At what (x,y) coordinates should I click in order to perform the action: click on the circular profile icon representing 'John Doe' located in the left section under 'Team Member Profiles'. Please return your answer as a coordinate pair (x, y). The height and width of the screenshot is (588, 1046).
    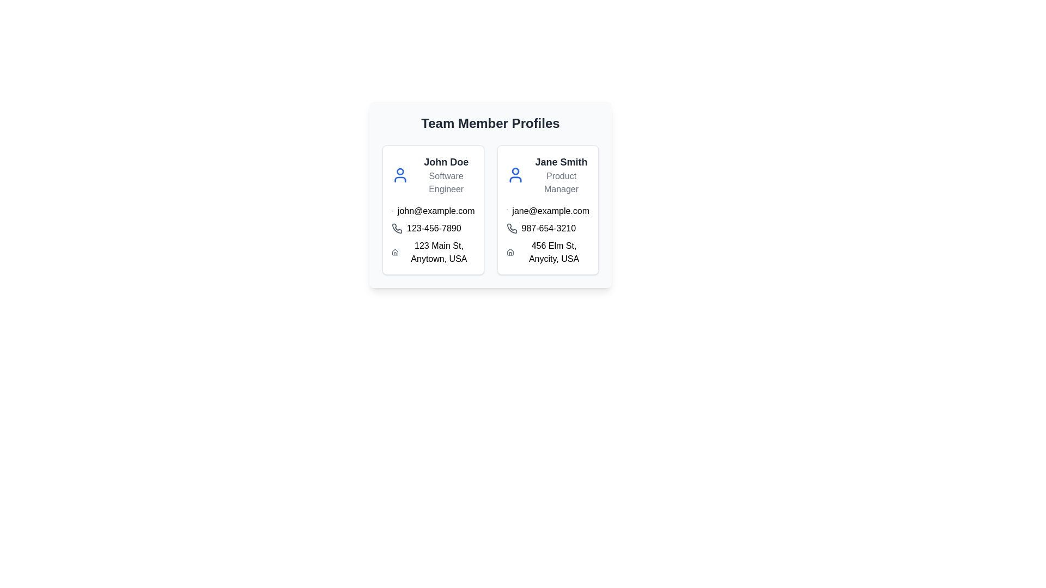
    Looking at the image, I should click on (399, 171).